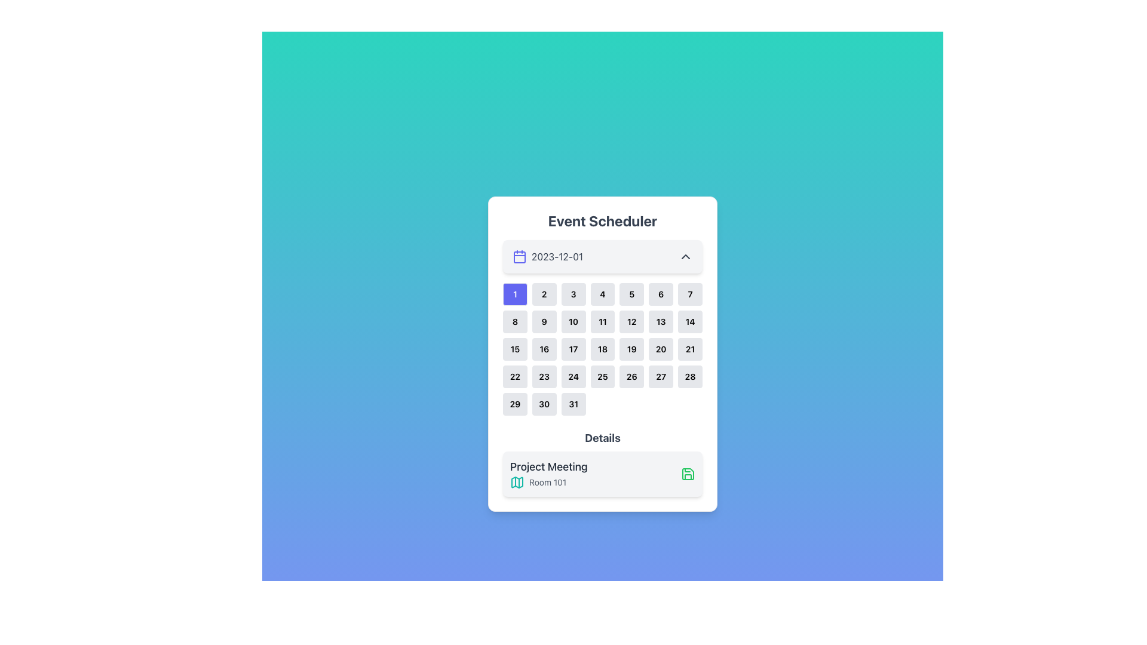  Describe the element at coordinates (602, 349) in the screenshot. I see `the button representing the date '18' in the calendar UI for keyboard interaction` at that location.